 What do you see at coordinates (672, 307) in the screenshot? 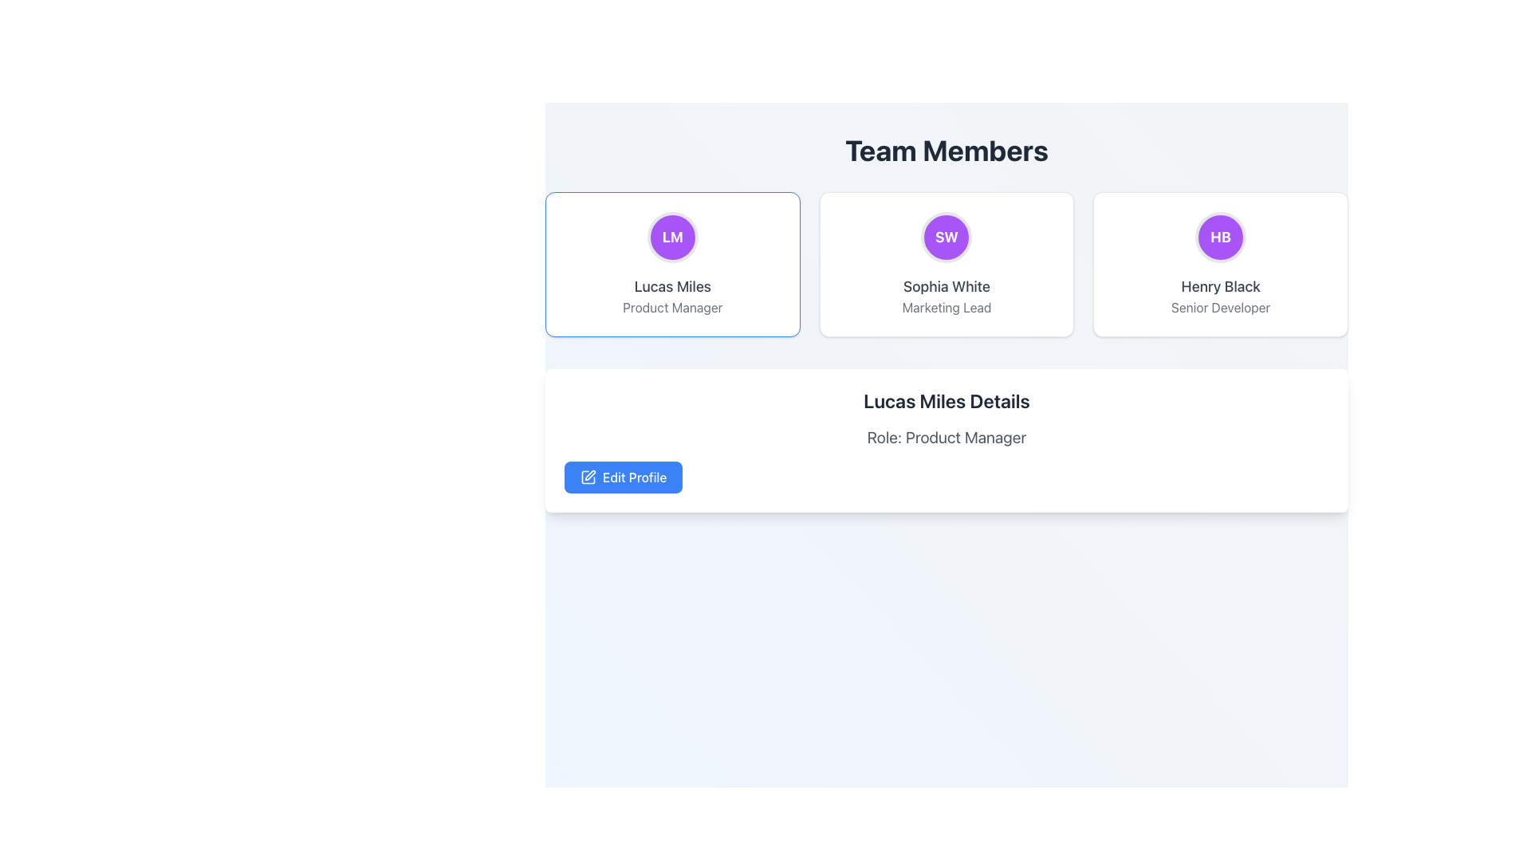
I see `the text label displaying 'Product Manager' in gray font, located under the name 'Lucas Miles' within a card-like layout` at bounding box center [672, 307].